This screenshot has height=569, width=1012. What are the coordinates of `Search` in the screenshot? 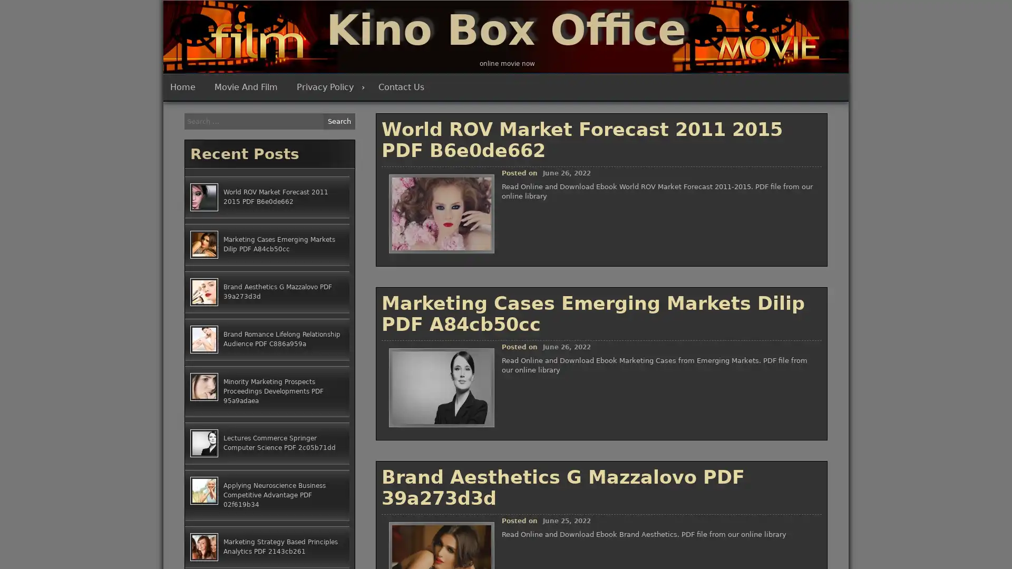 It's located at (339, 121).